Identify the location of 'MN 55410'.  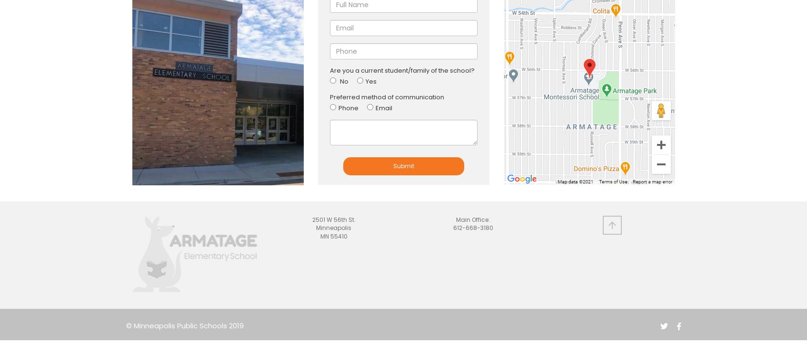
(333, 235).